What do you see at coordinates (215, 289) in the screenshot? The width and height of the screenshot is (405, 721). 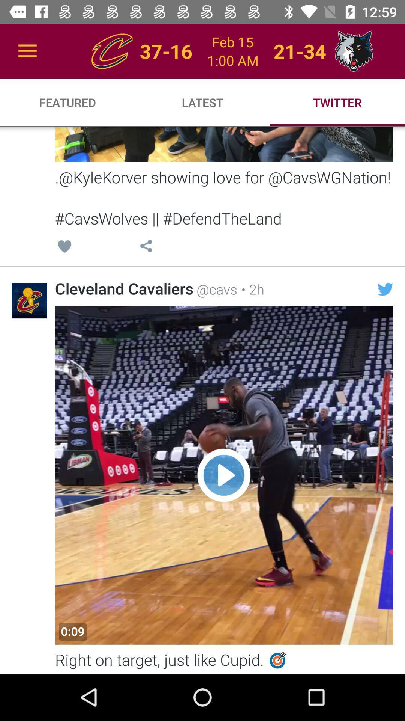 I see `the icon to the right of cleveland cavaliers icon` at bounding box center [215, 289].